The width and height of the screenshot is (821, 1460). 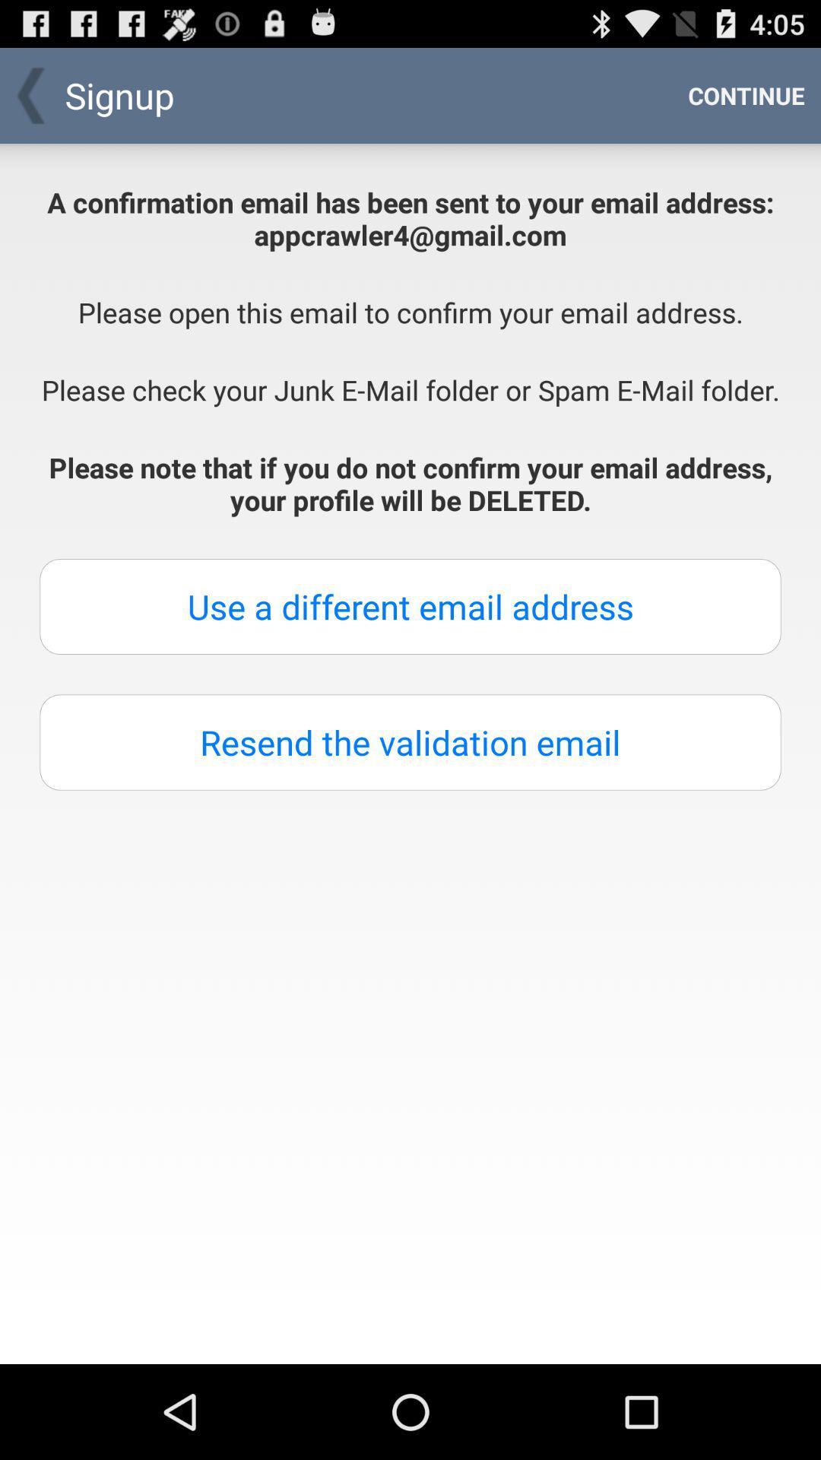 I want to click on use a different button, so click(x=410, y=605).